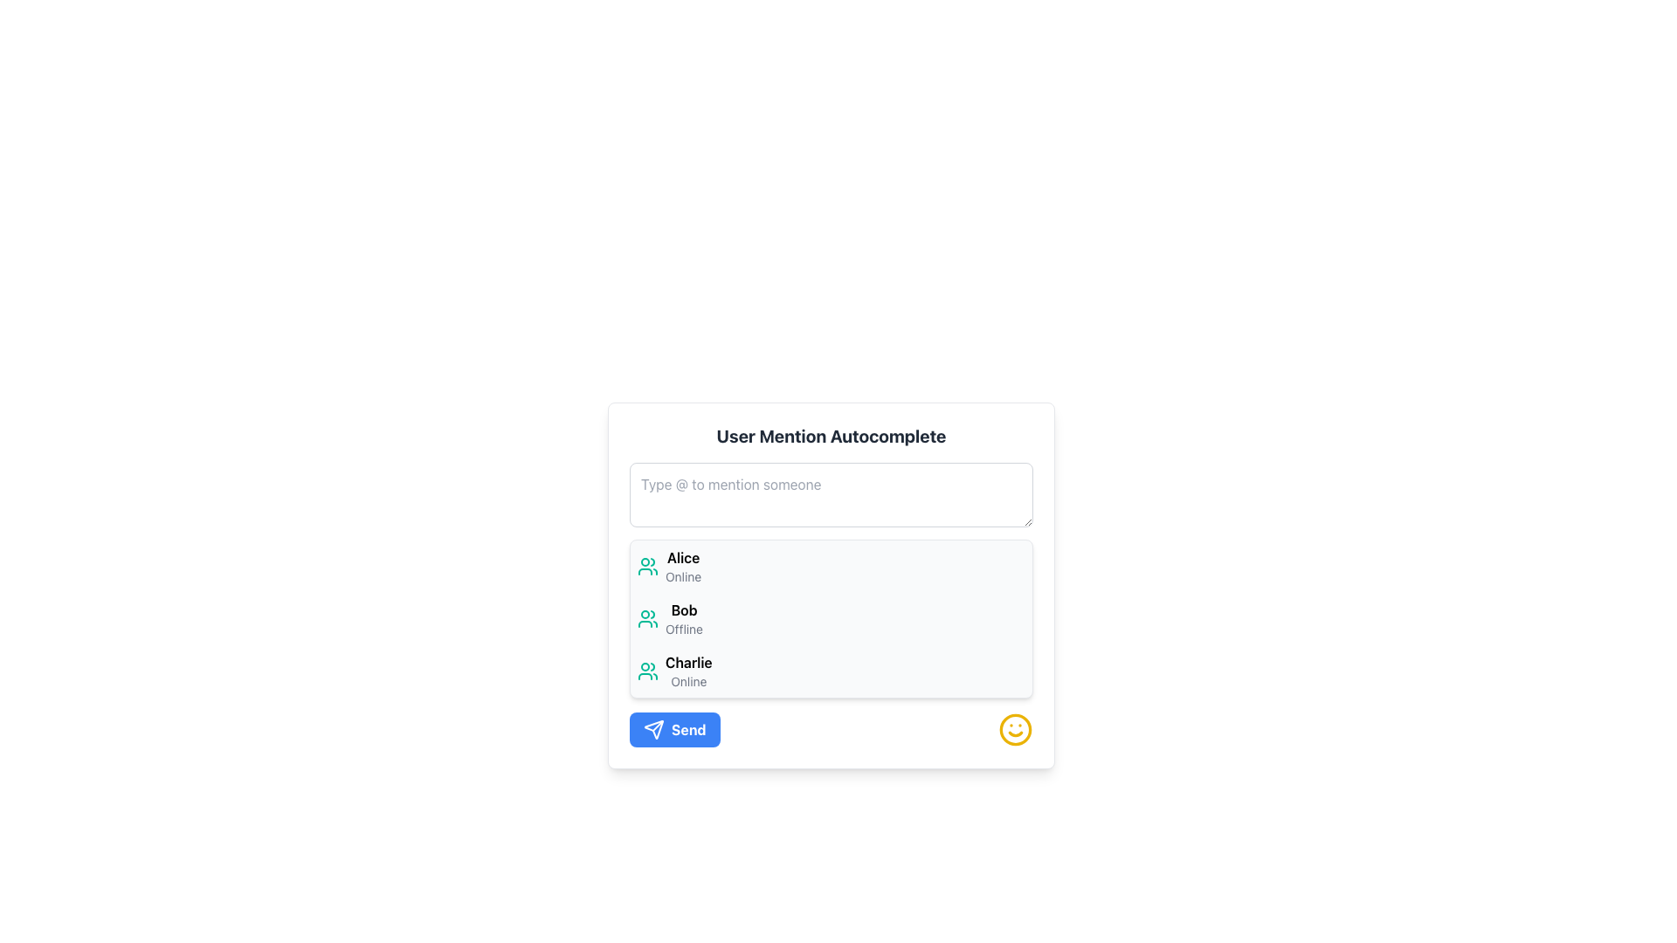 This screenshot has width=1677, height=943. What do you see at coordinates (682, 566) in the screenshot?
I see `the user profile entry labeled 'Alice' in the mention suggestion list` at bounding box center [682, 566].